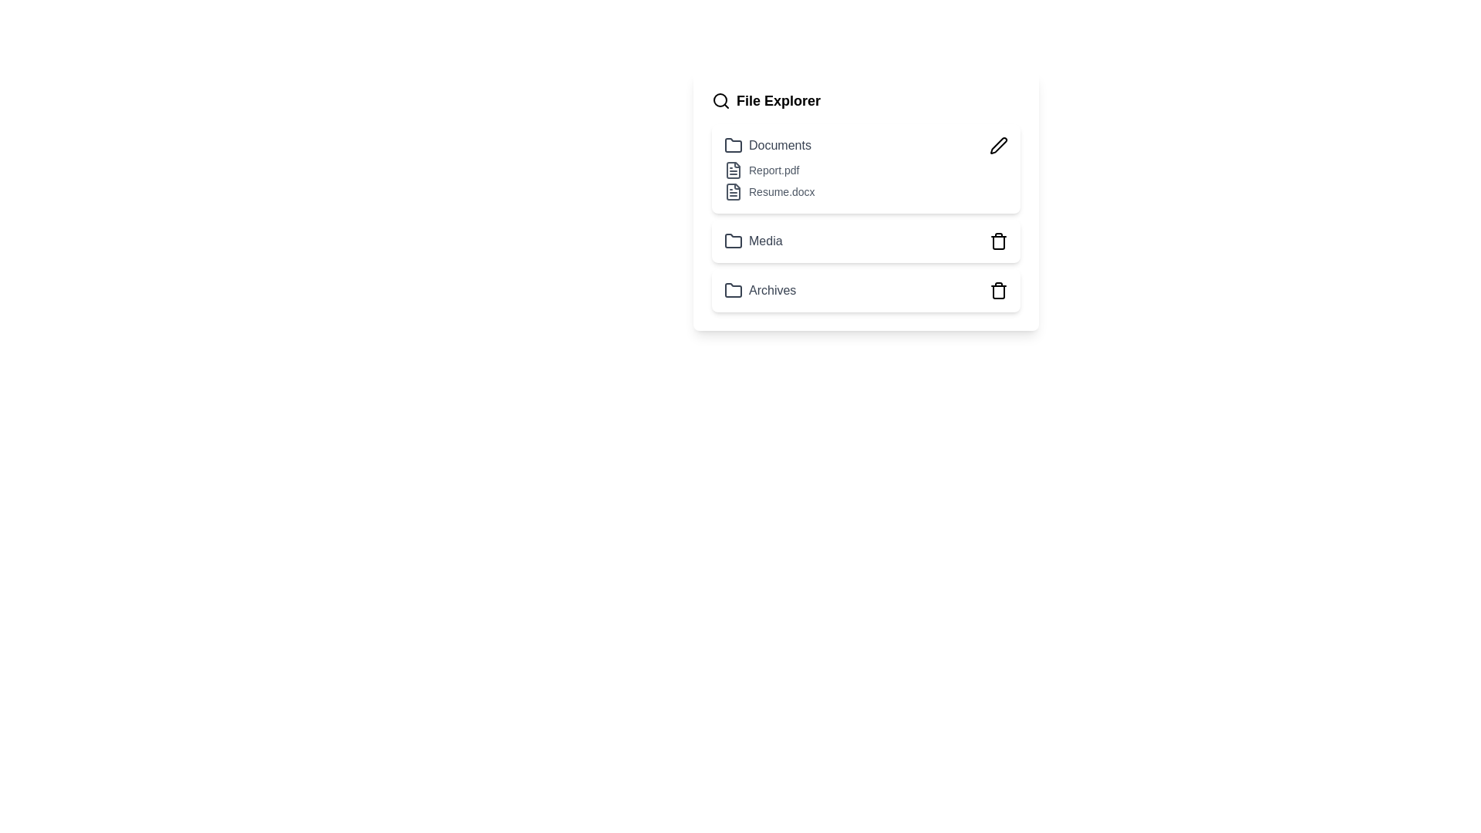 This screenshot has height=833, width=1481. I want to click on the file icon representing 'Report.pdf' in the file explorer interface, so click(732, 170).